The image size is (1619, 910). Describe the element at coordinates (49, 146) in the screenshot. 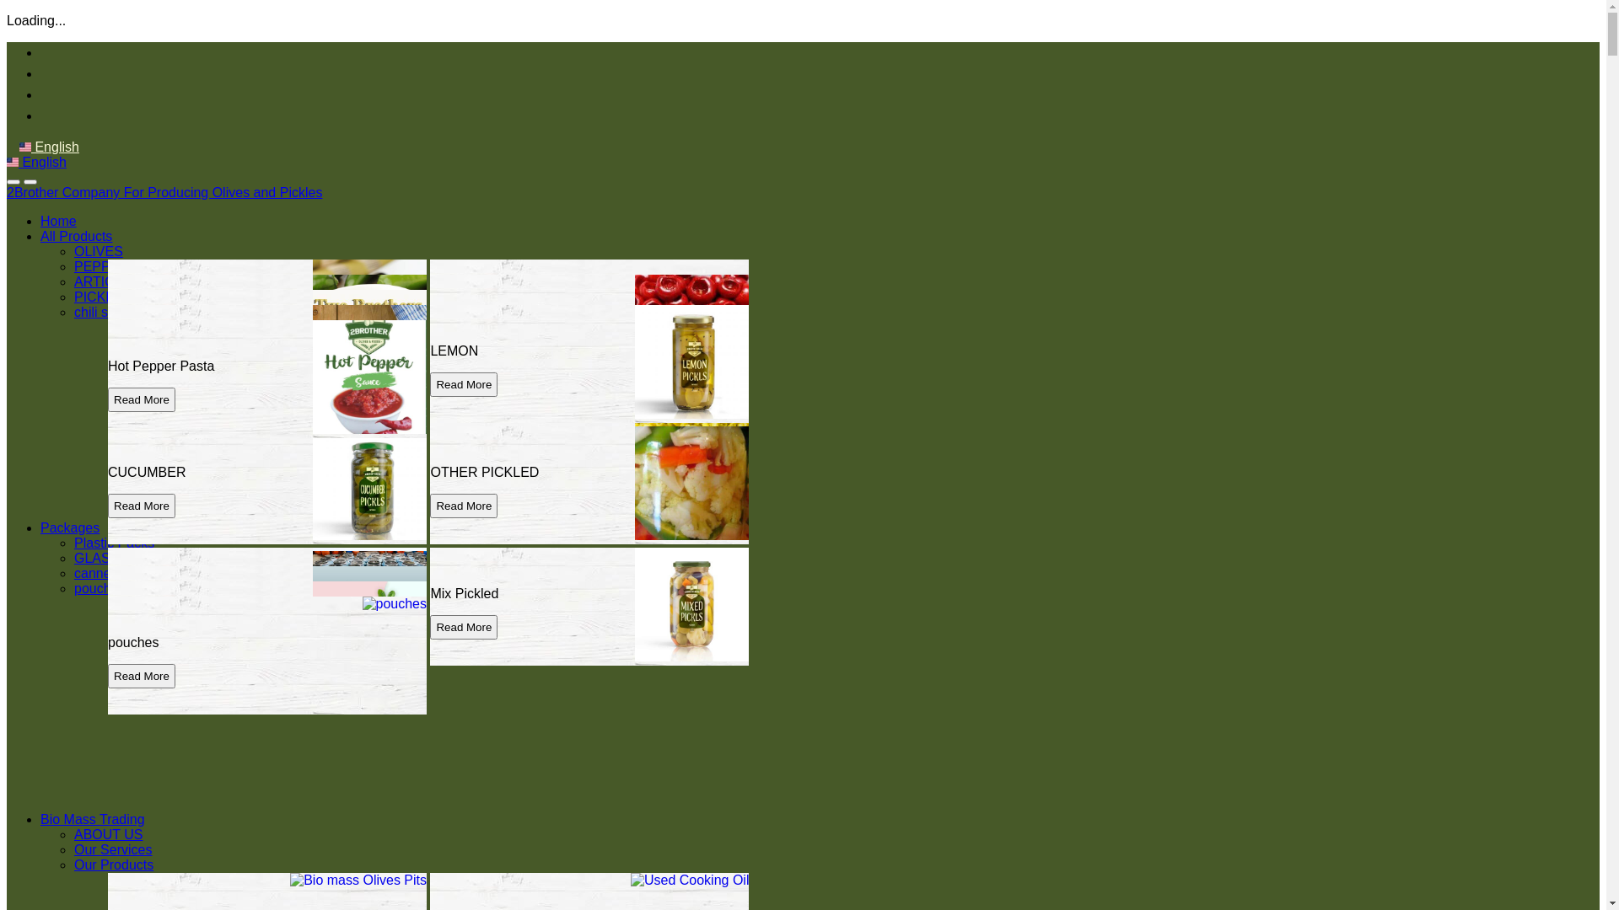

I see `'English'` at that location.